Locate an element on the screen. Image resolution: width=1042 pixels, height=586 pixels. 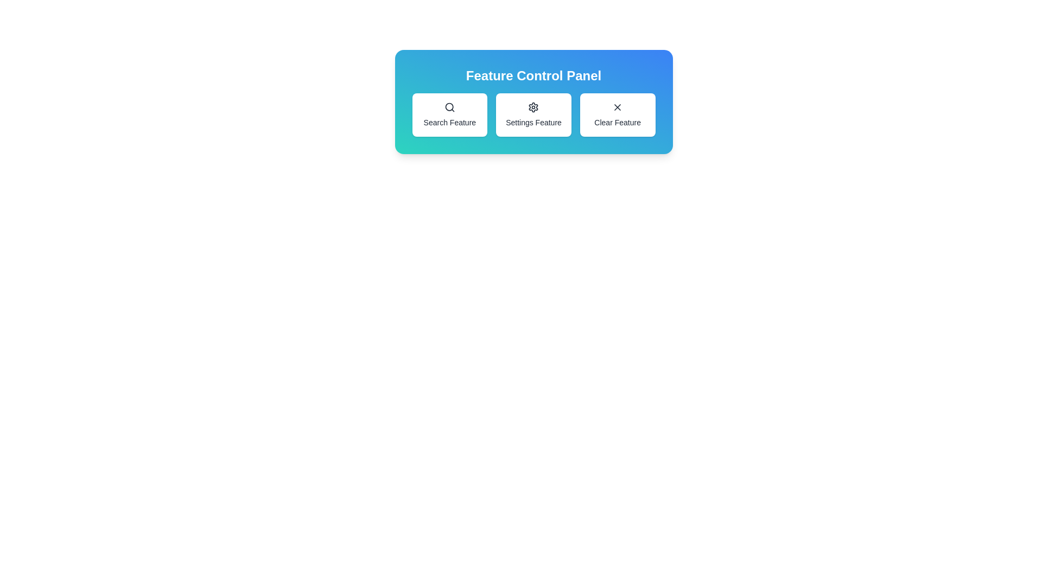
the 'Settings Feature' text label located in the second button from the left within the 'Feature Control Panel' is located at coordinates (533, 122).